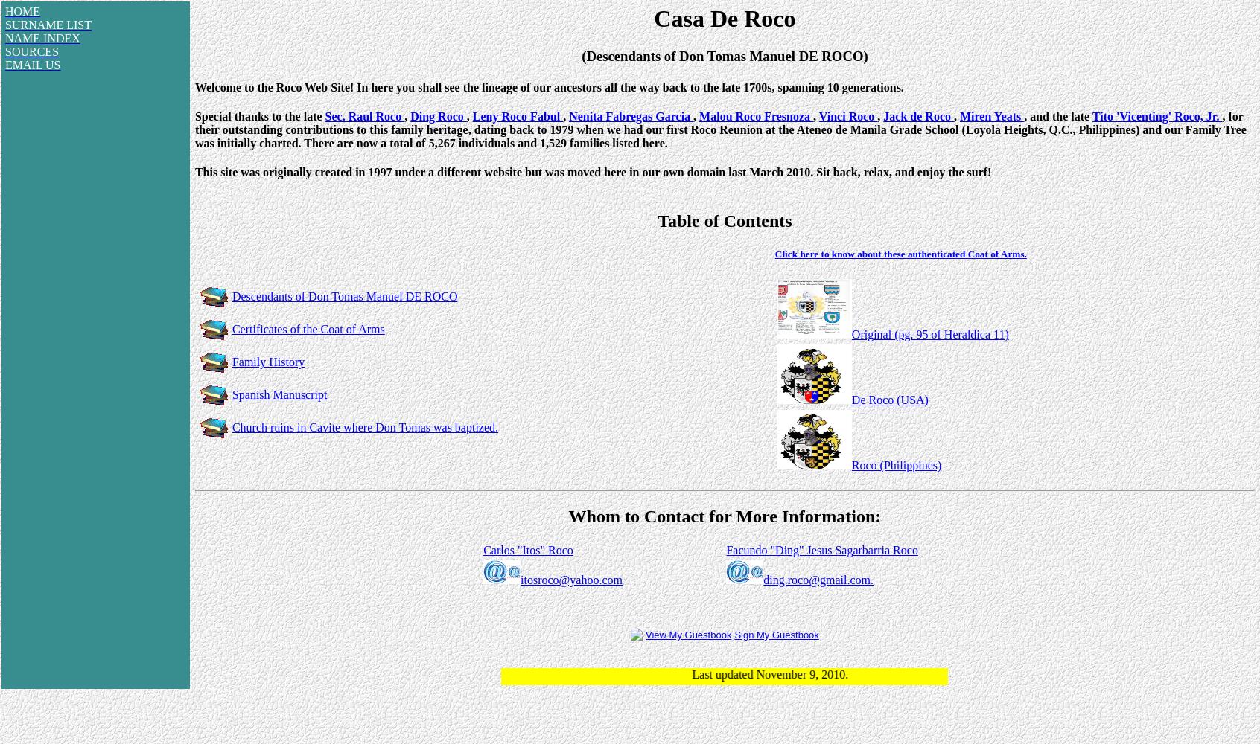 The height and width of the screenshot is (744, 1260). I want to click on 'itosroco@yahoo.com', so click(520, 580).